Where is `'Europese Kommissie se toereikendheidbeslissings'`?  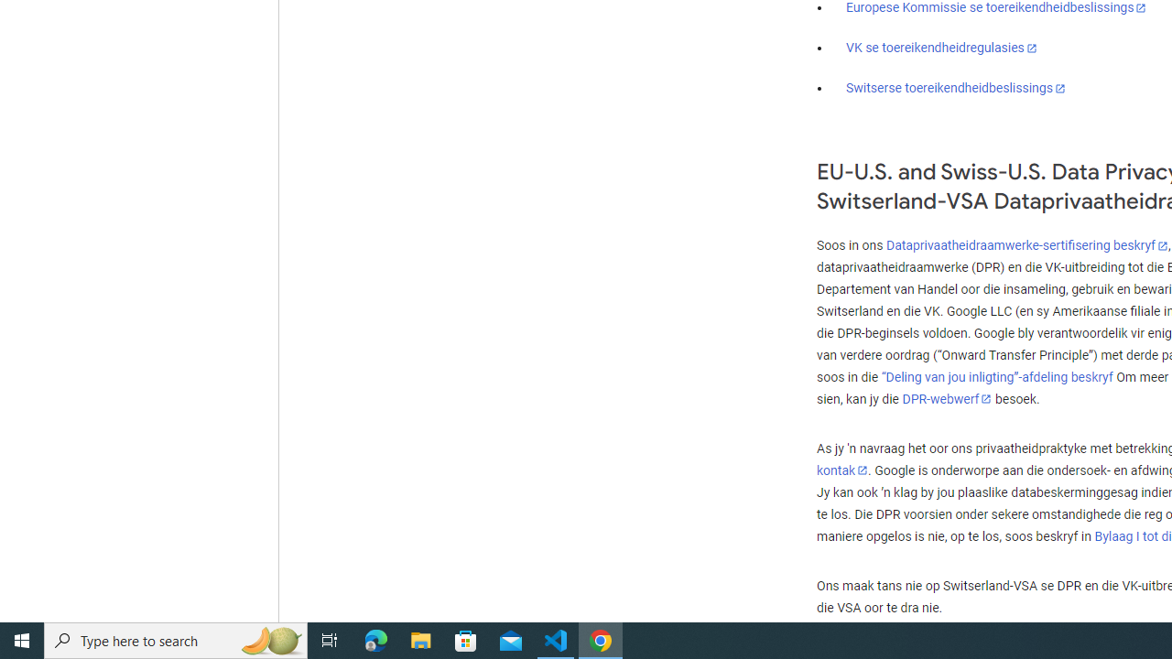 'Europese Kommissie se toereikendheidbeslissings' is located at coordinates (995, 8).